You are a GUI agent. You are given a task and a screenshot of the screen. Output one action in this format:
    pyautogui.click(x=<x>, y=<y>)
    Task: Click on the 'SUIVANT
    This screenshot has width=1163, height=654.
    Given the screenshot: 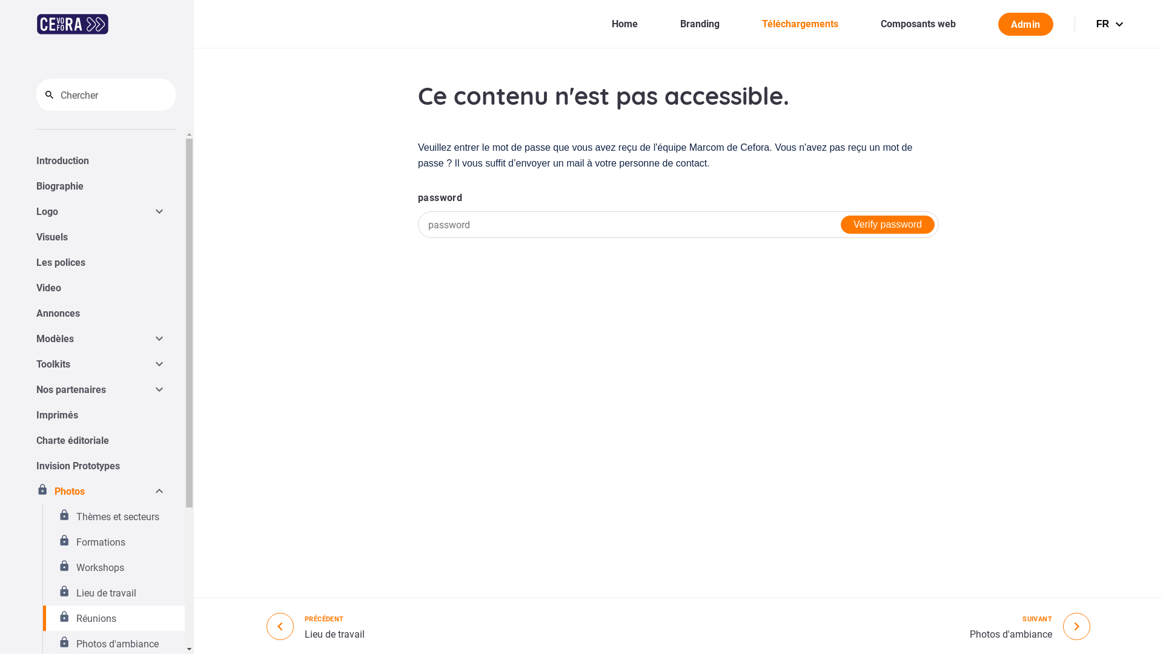 What is the action you would take?
    pyautogui.click(x=1029, y=626)
    